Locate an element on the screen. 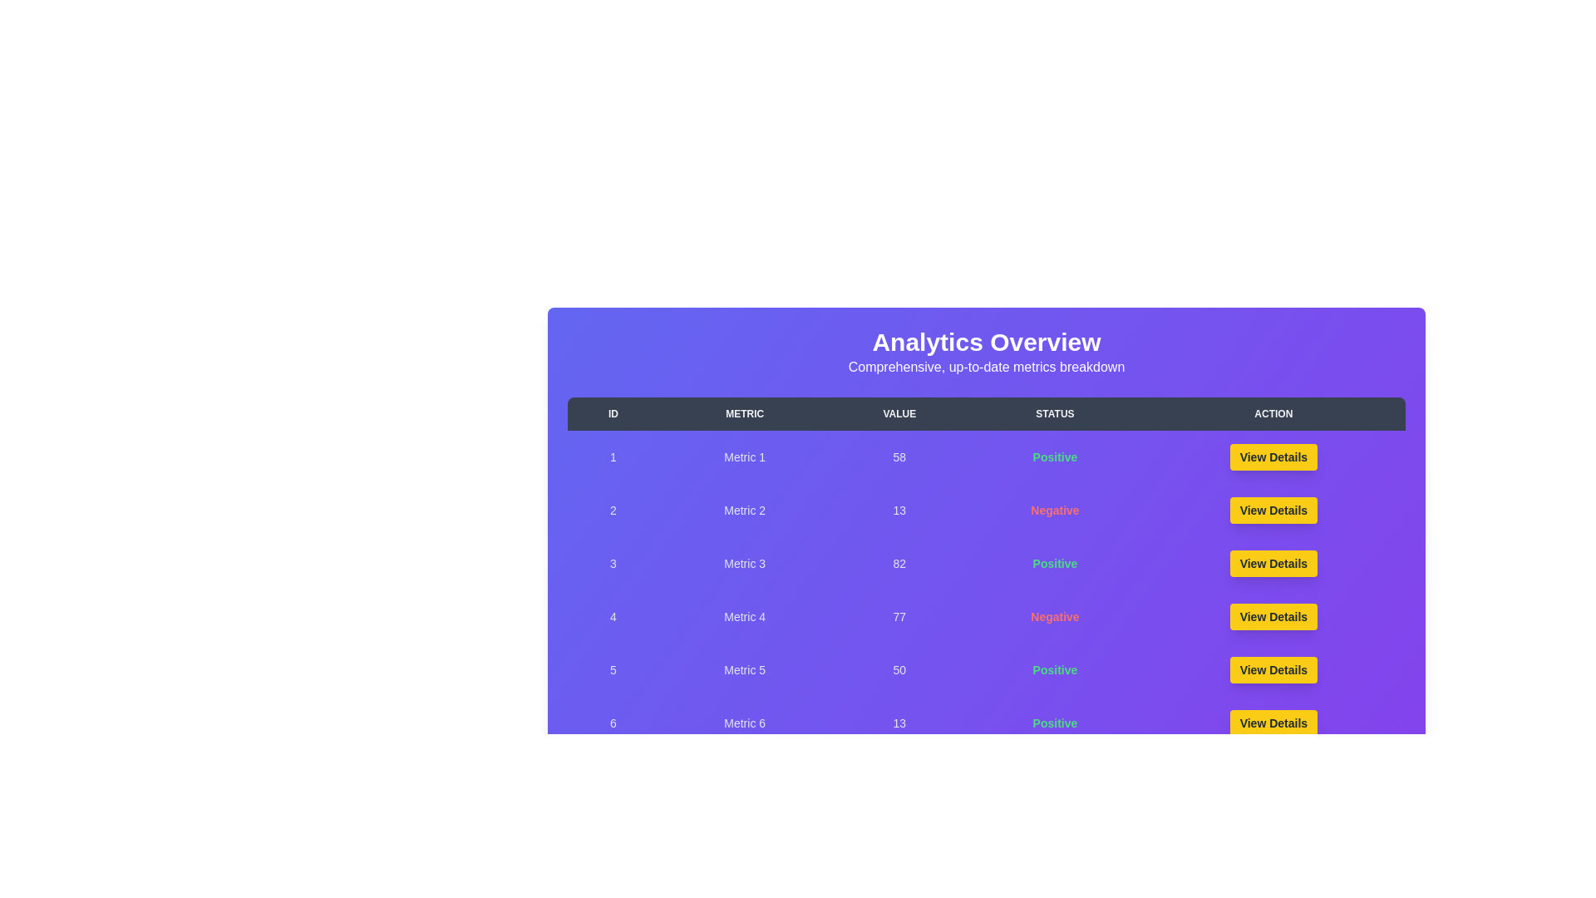 The width and height of the screenshot is (1596, 898). the row corresponding to 3 is located at coordinates (986, 563).